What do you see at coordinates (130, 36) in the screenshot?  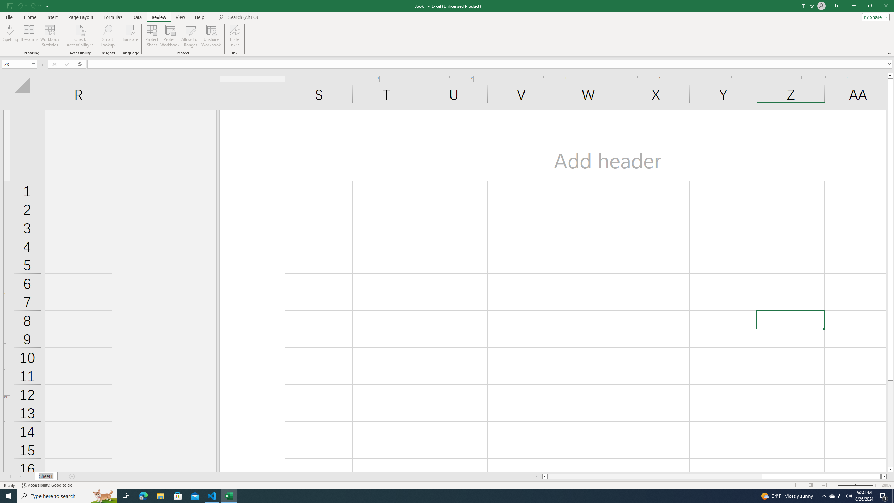 I see `'Translate'` at bounding box center [130, 36].